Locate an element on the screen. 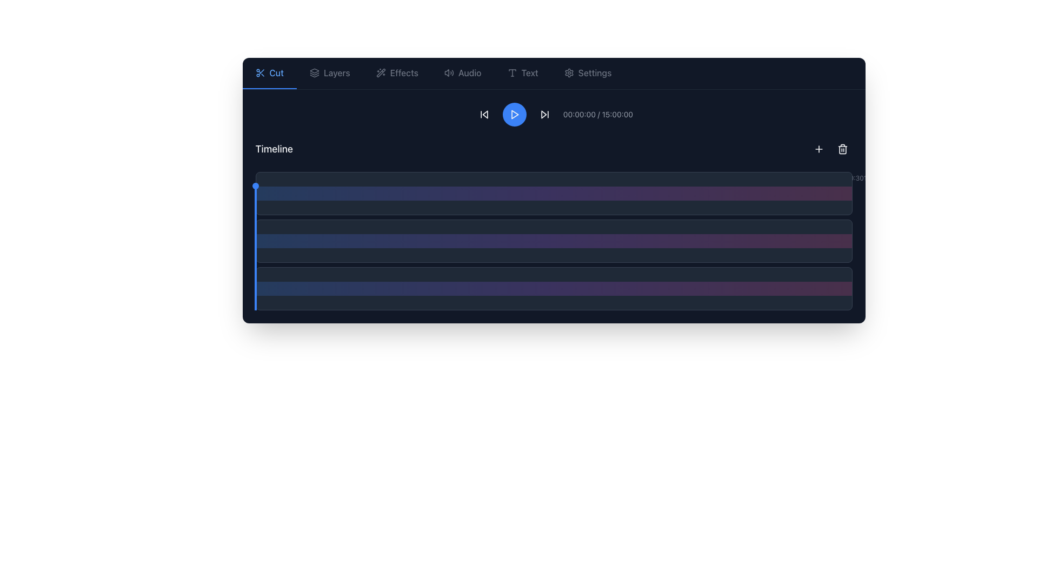 The image size is (1038, 584). the 'Audio' text element in the navigation toolbar, which is styled with medium font weight and located between a speaker icon and other navigation options is located at coordinates (470, 73).